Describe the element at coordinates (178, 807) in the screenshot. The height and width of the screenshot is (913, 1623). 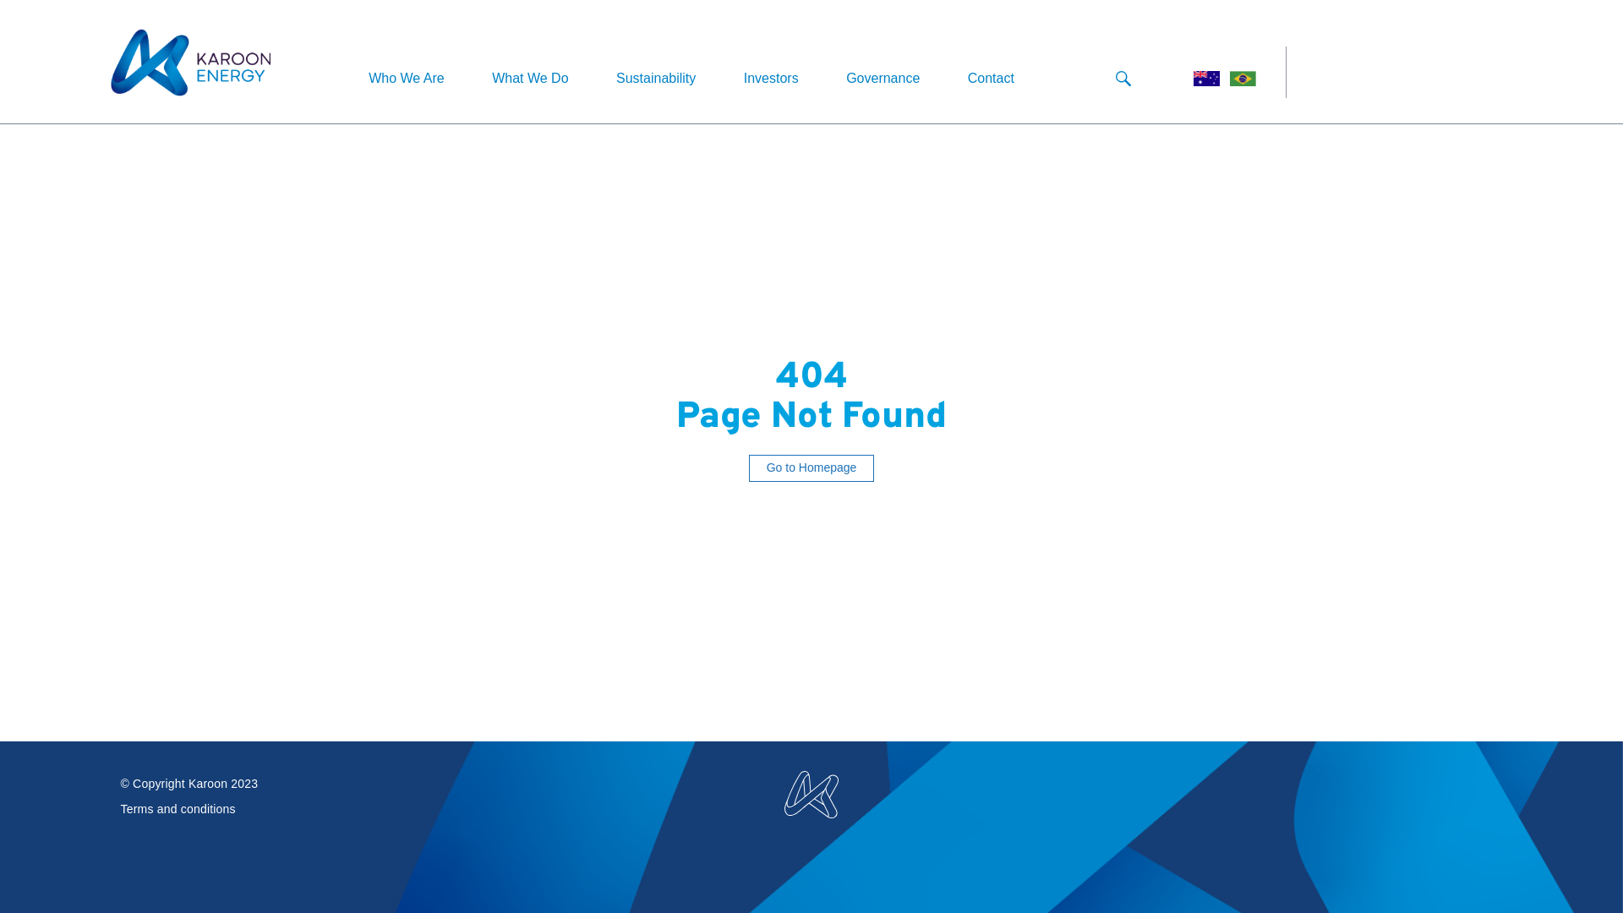
I see `'Terms and conditions'` at that location.